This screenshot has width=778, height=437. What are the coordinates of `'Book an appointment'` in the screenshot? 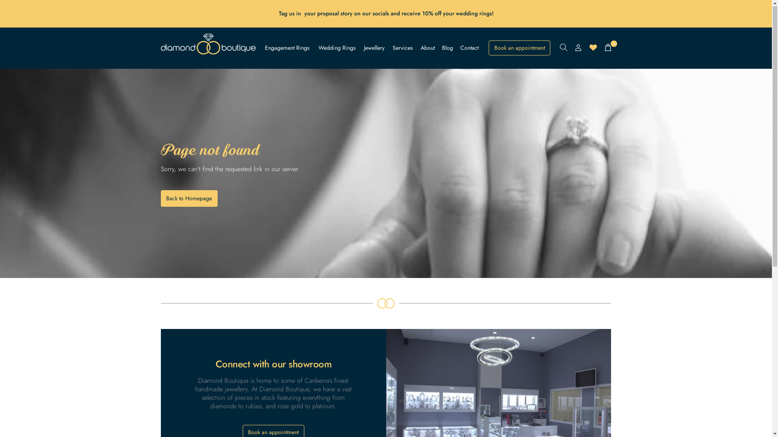 It's located at (519, 48).